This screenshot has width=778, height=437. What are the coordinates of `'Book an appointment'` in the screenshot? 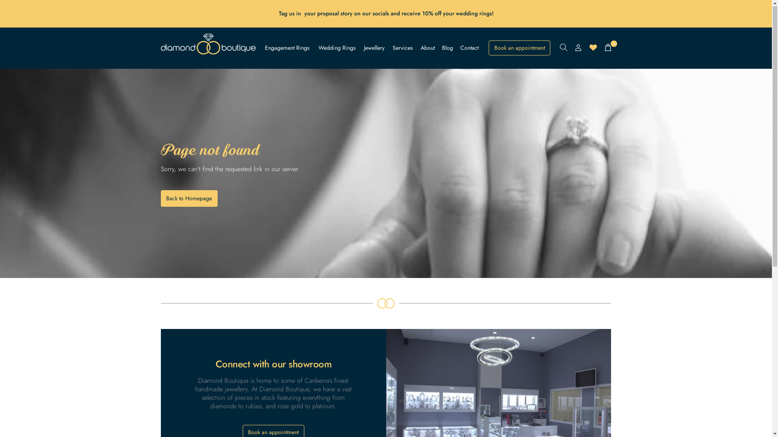 It's located at (519, 48).